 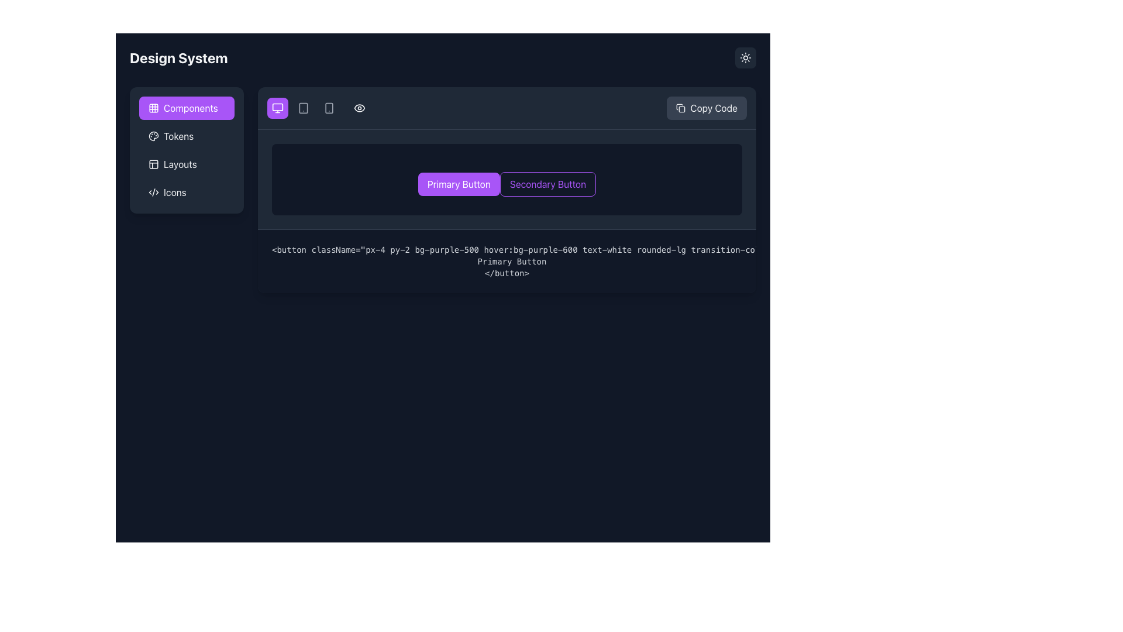 I want to click on the 'Tokens' label in the navigation menu, so click(x=178, y=135).